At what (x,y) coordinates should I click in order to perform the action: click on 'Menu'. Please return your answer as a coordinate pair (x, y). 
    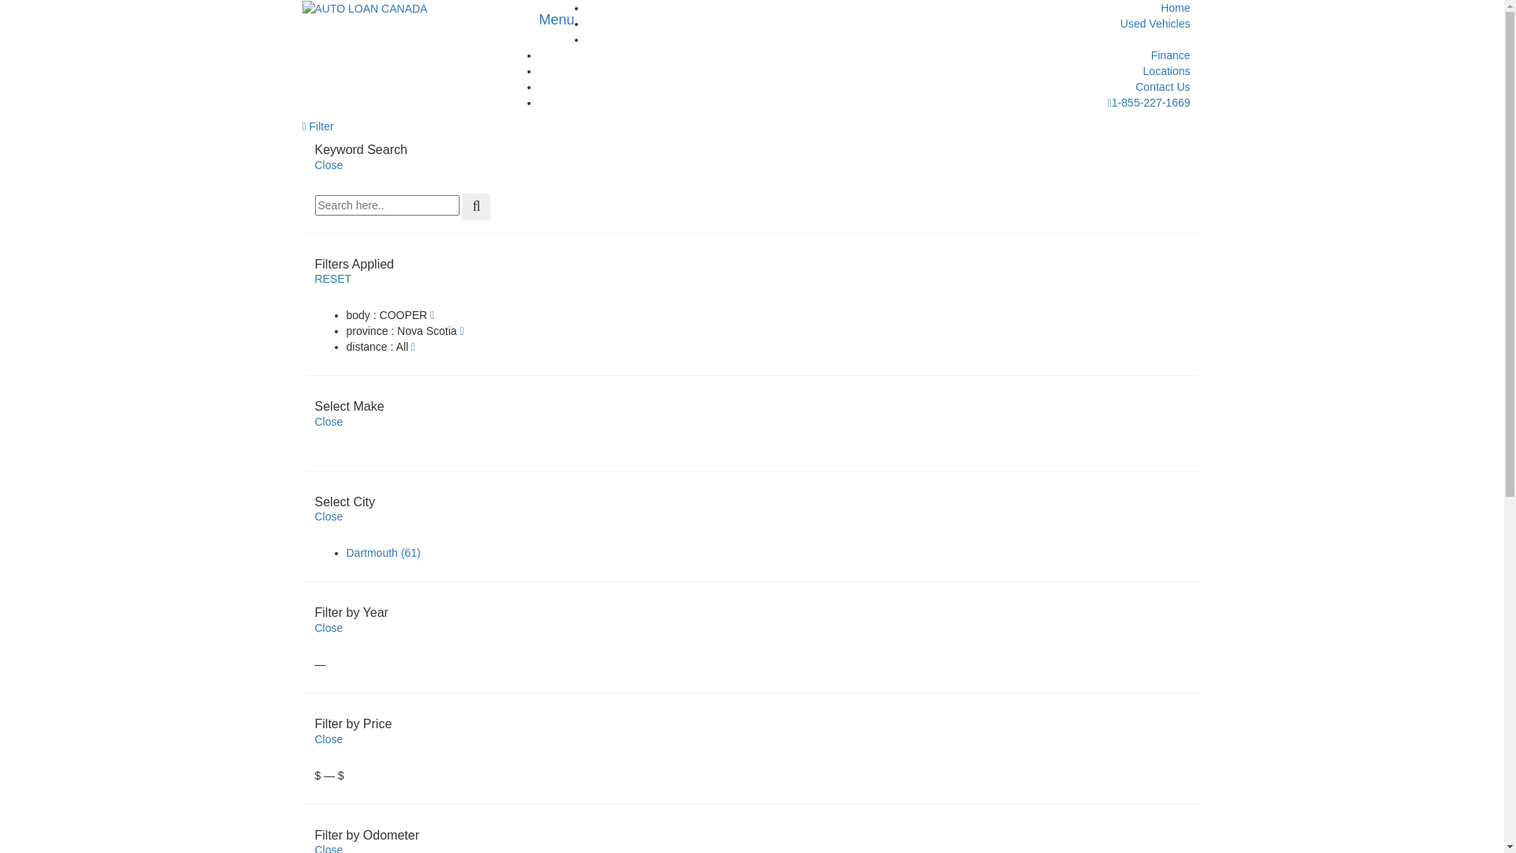
    Looking at the image, I should click on (557, 19).